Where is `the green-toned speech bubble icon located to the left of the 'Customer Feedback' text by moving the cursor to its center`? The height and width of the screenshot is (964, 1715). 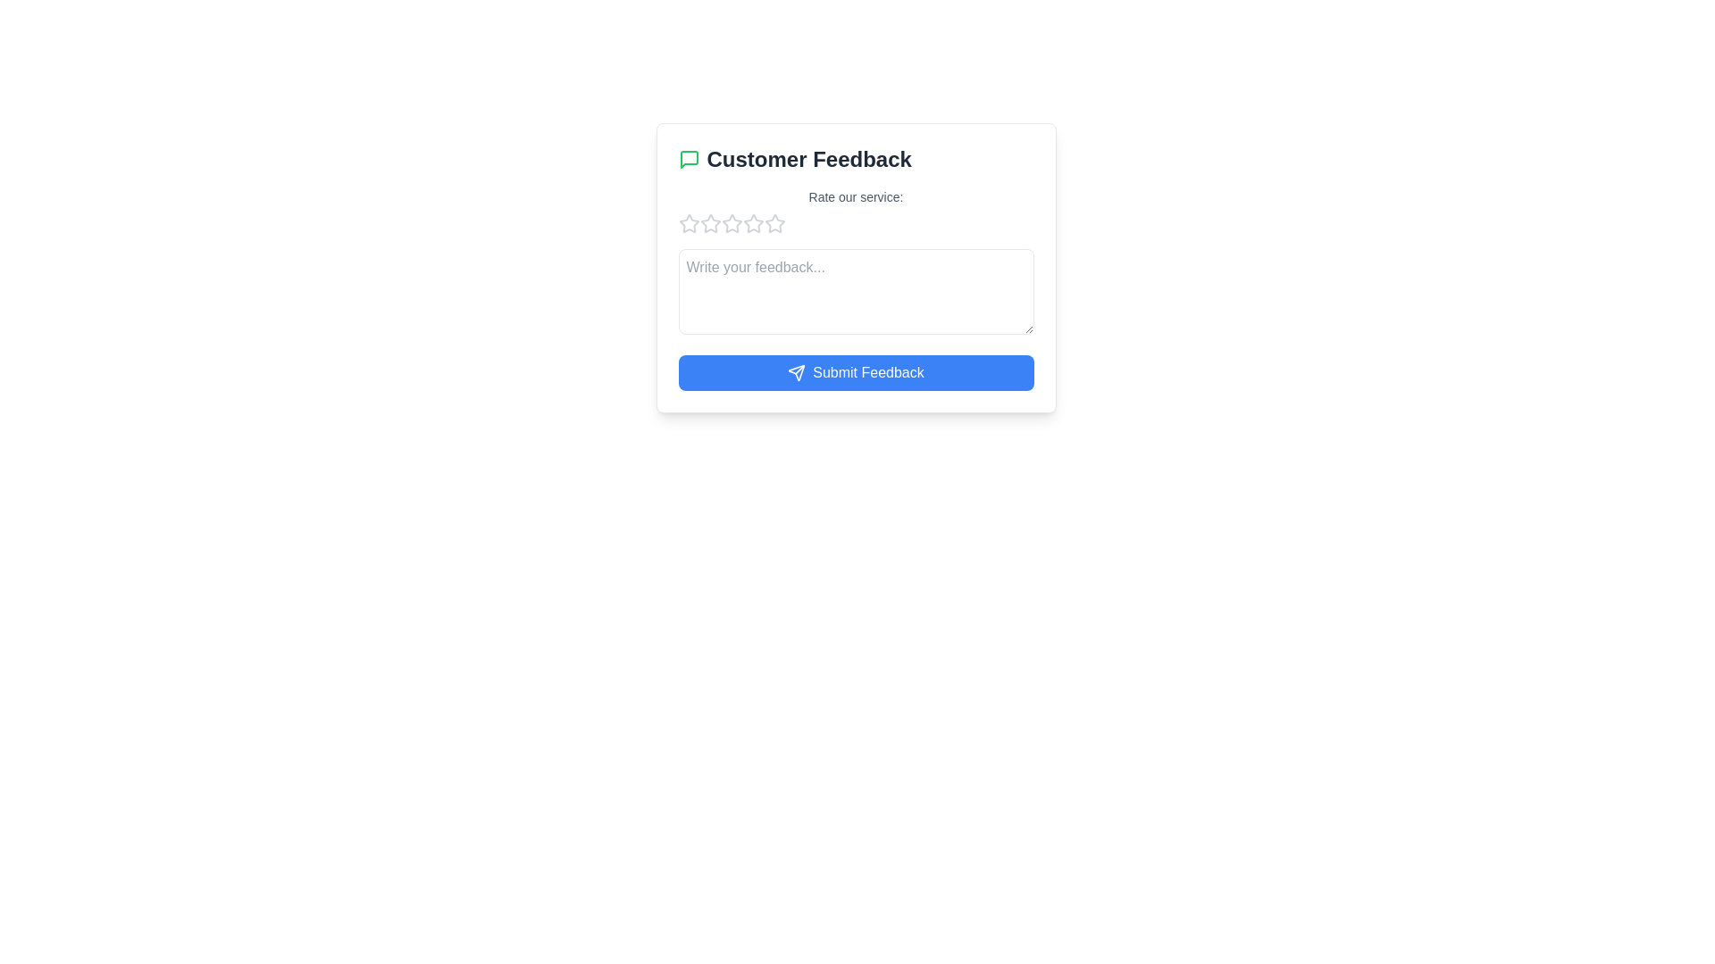
the green-toned speech bubble icon located to the left of the 'Customer Feedback' text by moving the cursor to its center is located at coordinates (688, 158).